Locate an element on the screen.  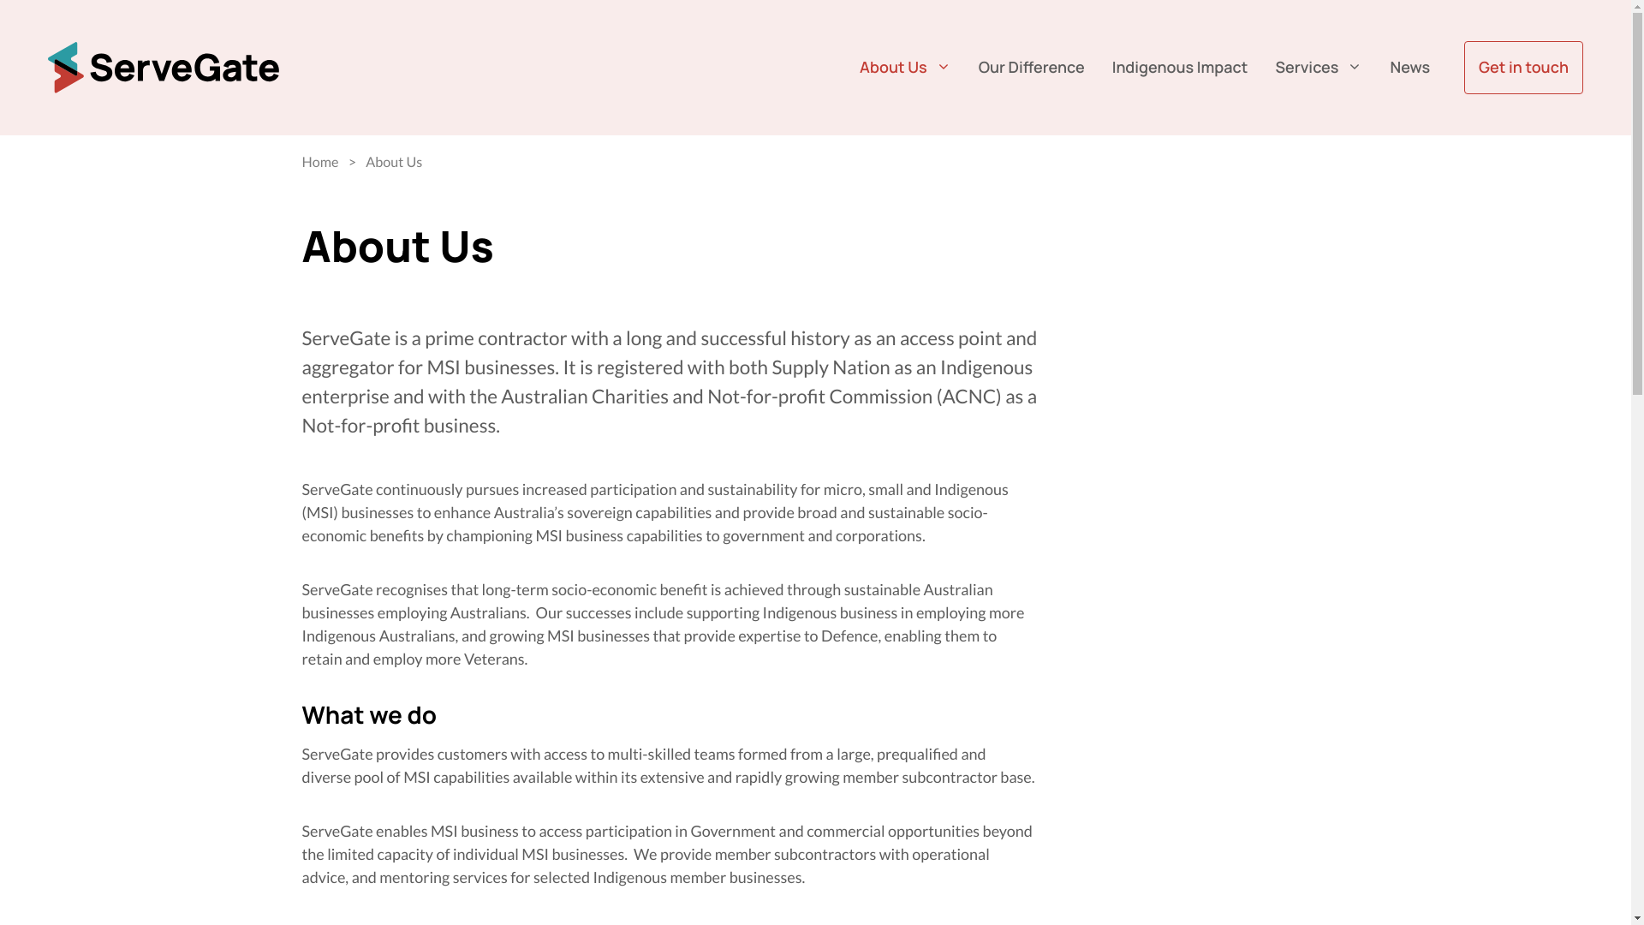
'Get in touch' is located at coordinates (1523, 66).